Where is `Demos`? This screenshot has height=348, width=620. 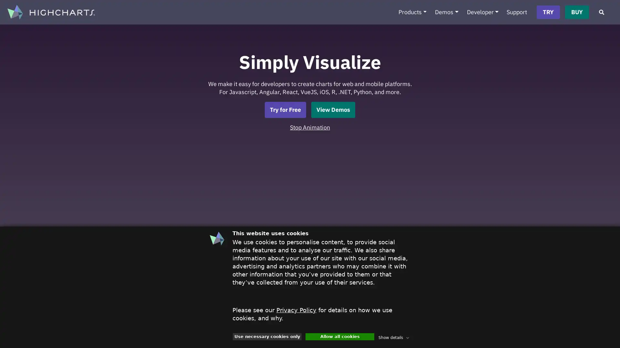 Demos is located at coordinates (446, 12).